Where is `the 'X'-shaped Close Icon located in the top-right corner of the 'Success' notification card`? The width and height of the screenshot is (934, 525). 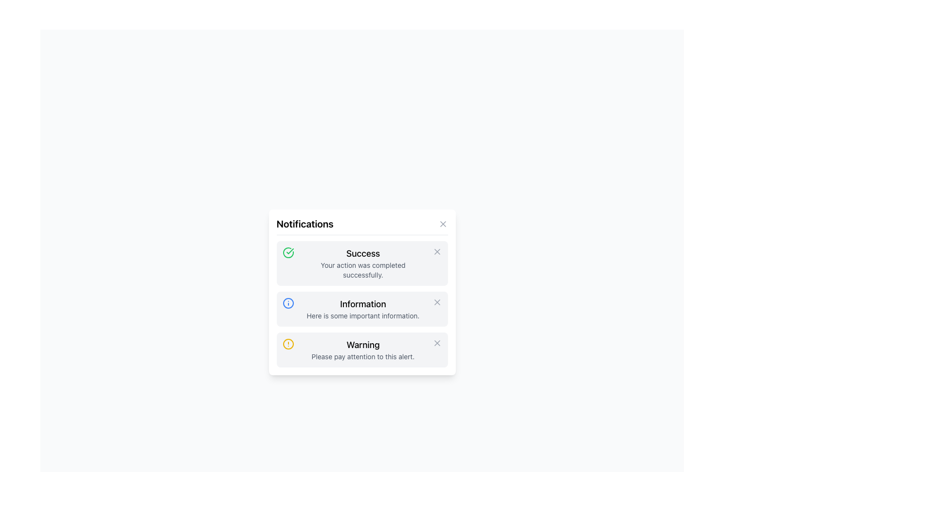
the 'X'-shaped Close Icon located in the top-right corner of the 'Success' notification card is located at coordinates (436, 251).